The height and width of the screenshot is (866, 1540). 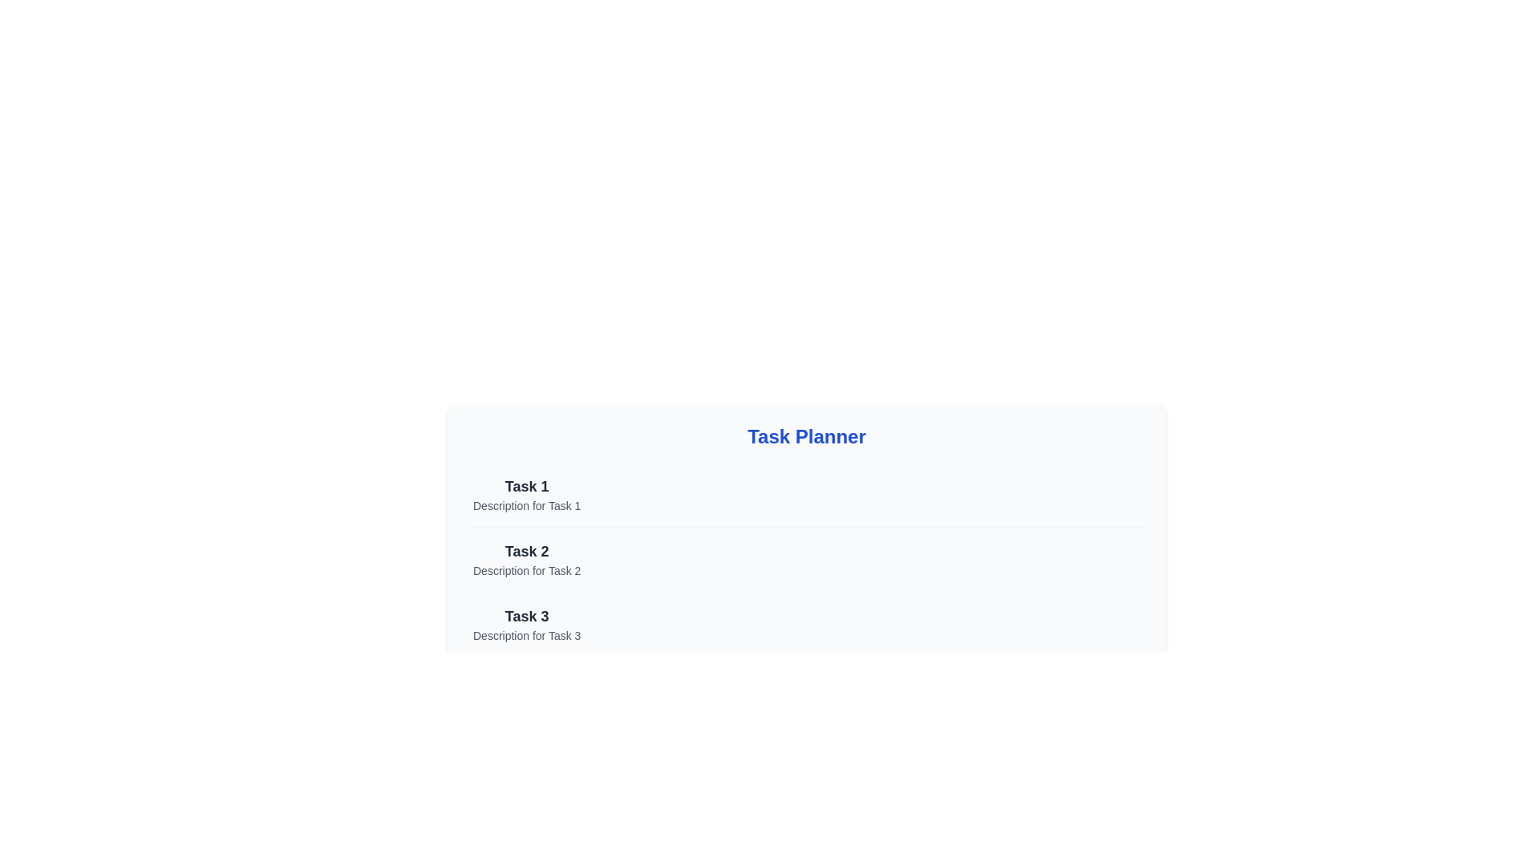 What do you see at coordinates (527, 624) in the screenshot?
I see `static text block that contains 'Task 3' and its description in the task list of the 'Task Planner.'` at bounding box center [527, 624].